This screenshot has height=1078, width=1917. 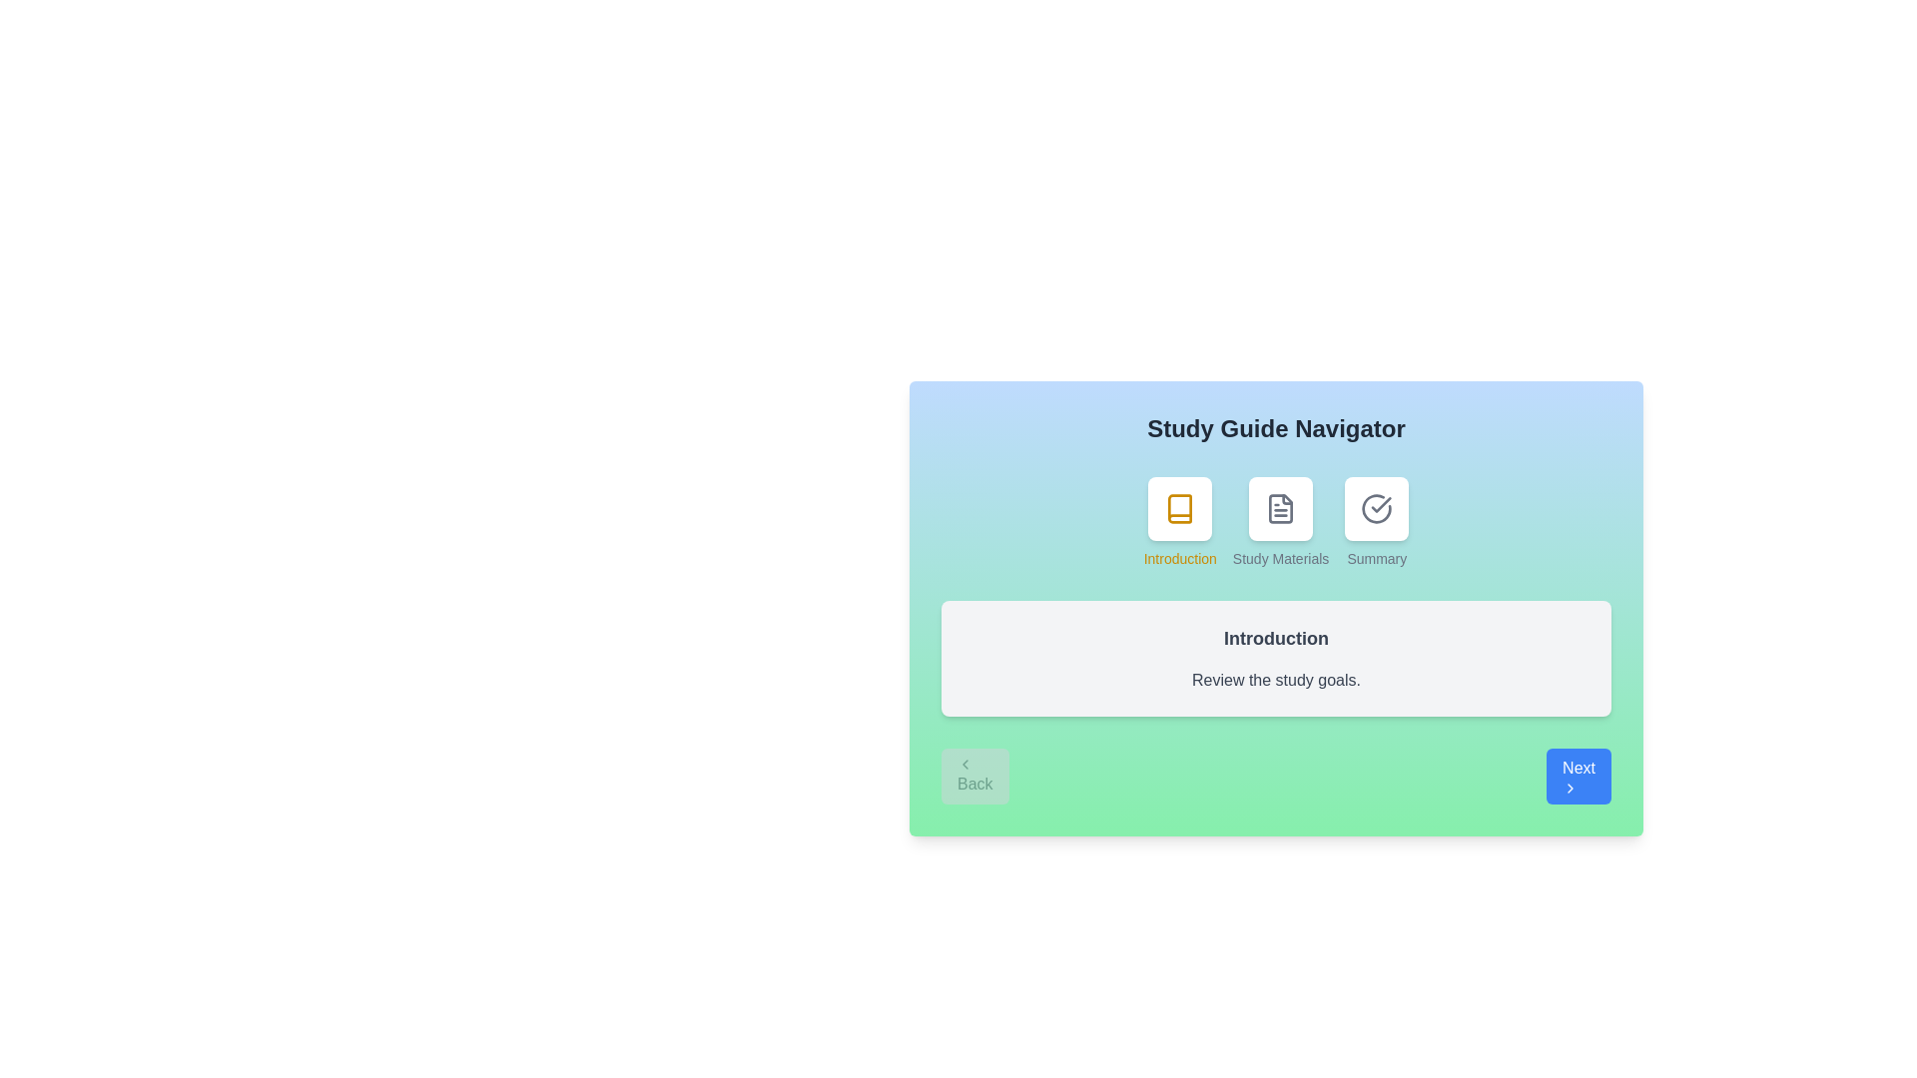 I want to click on the step icon corresponding to Summary to view its content, so click(x=1375, y=522).